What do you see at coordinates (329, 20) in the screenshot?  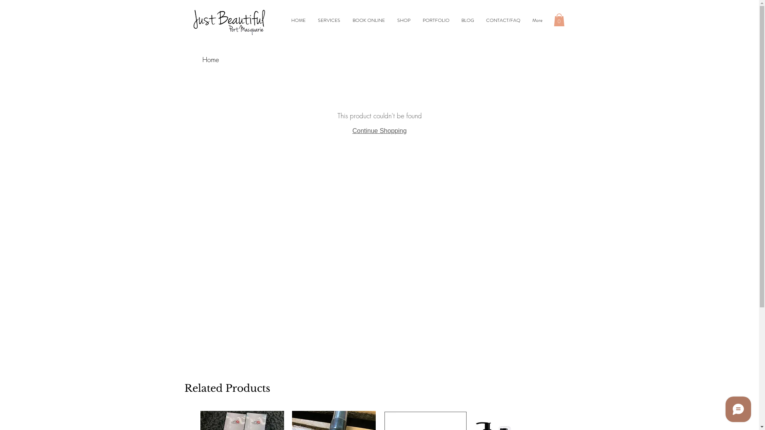 I see `'SERVICES'` at bounding box center [329, 20].